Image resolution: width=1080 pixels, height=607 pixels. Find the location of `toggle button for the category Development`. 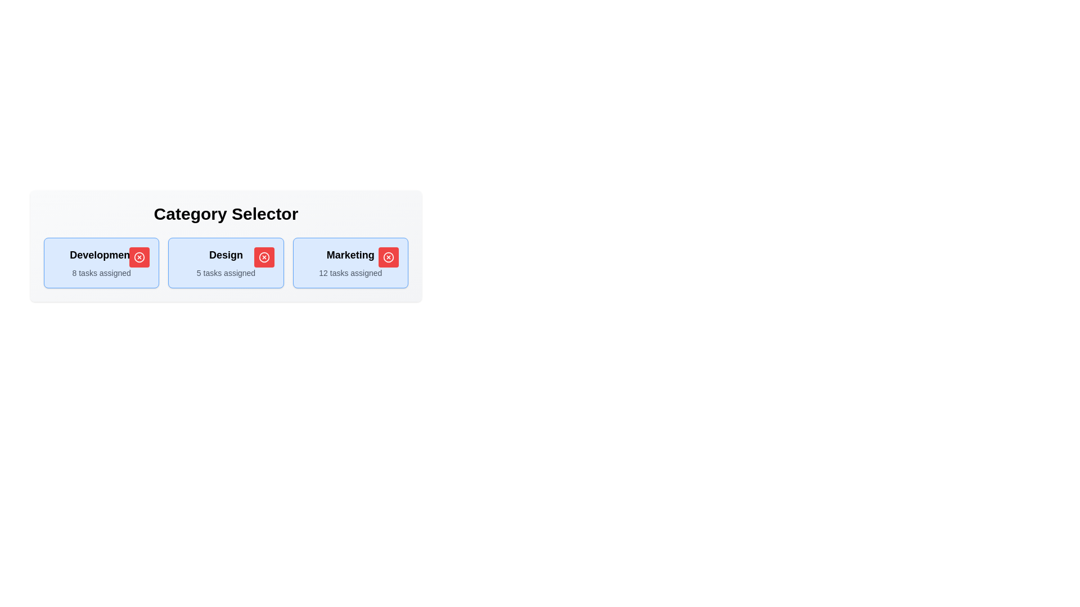

toggle button for the category Development is located at coordinates (139, 257).